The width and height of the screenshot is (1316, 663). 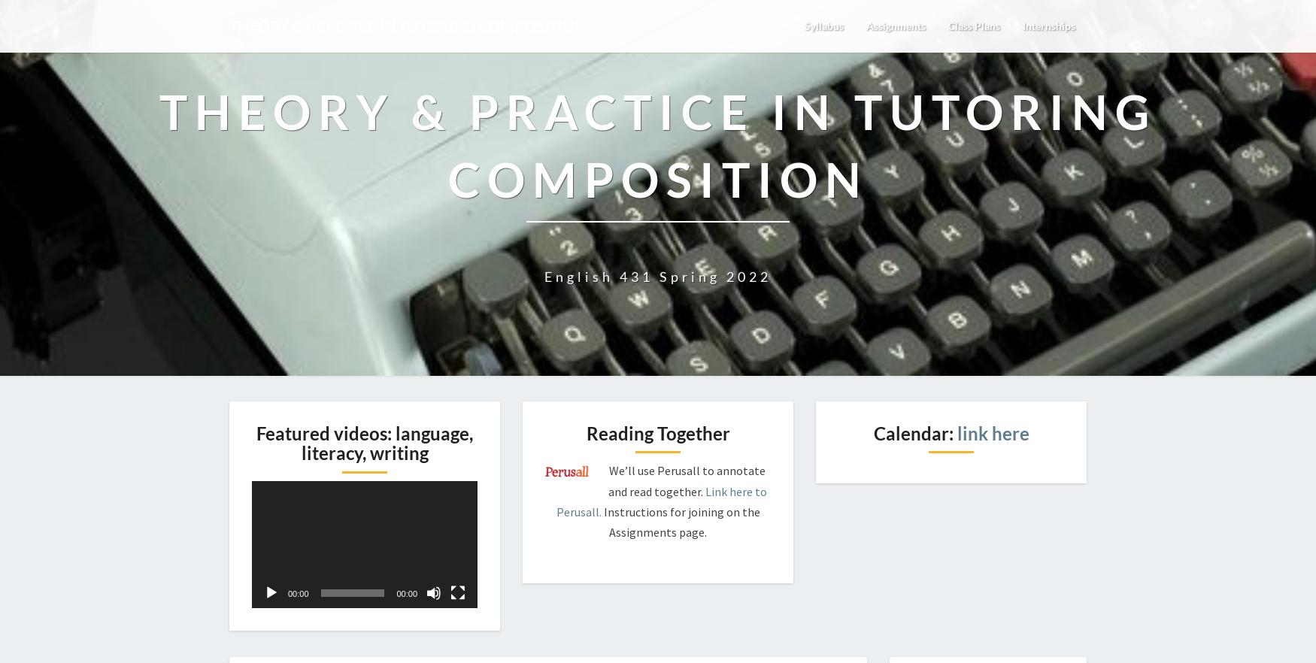 What do you see at coordinates (364, 443) in the screenshot?
I see `'Featured videos: language, literacy, writing'` at bounding box center [364, 443].